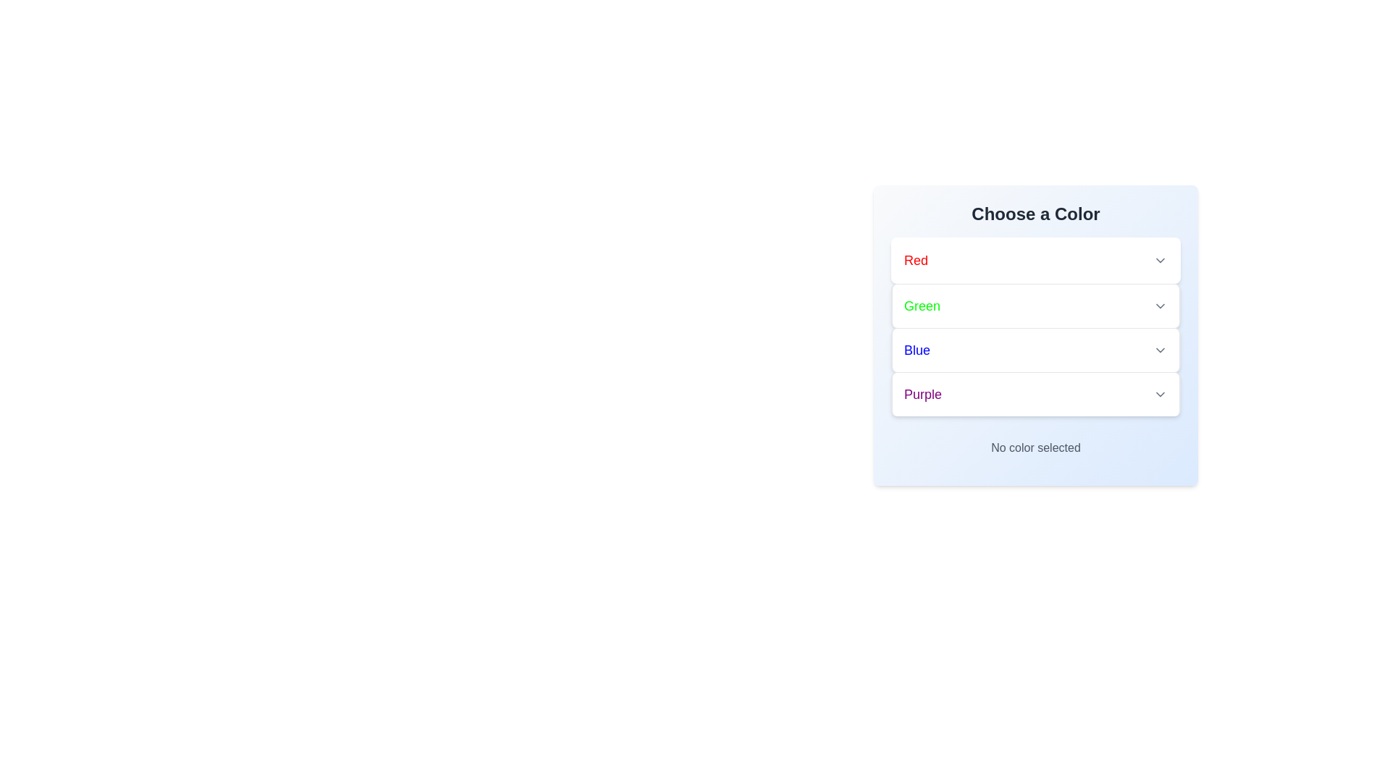  What do you see at coordinates (1035, 394) in the screenshot?
I see `the color item Purple to observe the hover effect` at bounding box center [1035, 394].